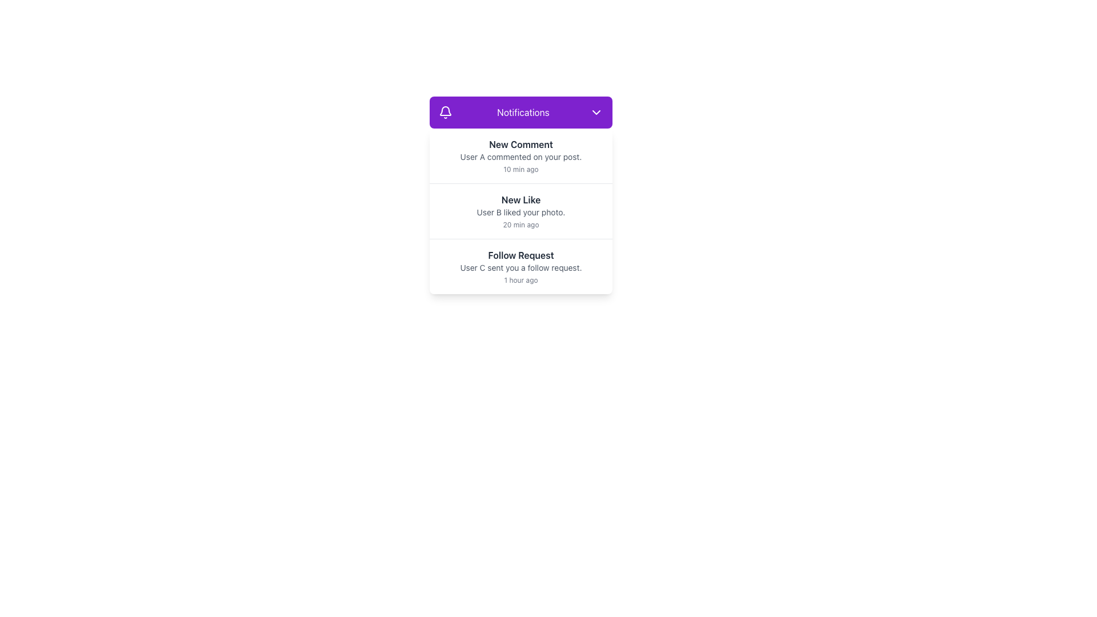 The width and height of the screenshot is (1097, 617). Describe the element at coordinates (521, 170) in the screenshot. I see `text label displaying '10 min ago', which is a relative timestamp under the 'New Comment' notification` at that location.